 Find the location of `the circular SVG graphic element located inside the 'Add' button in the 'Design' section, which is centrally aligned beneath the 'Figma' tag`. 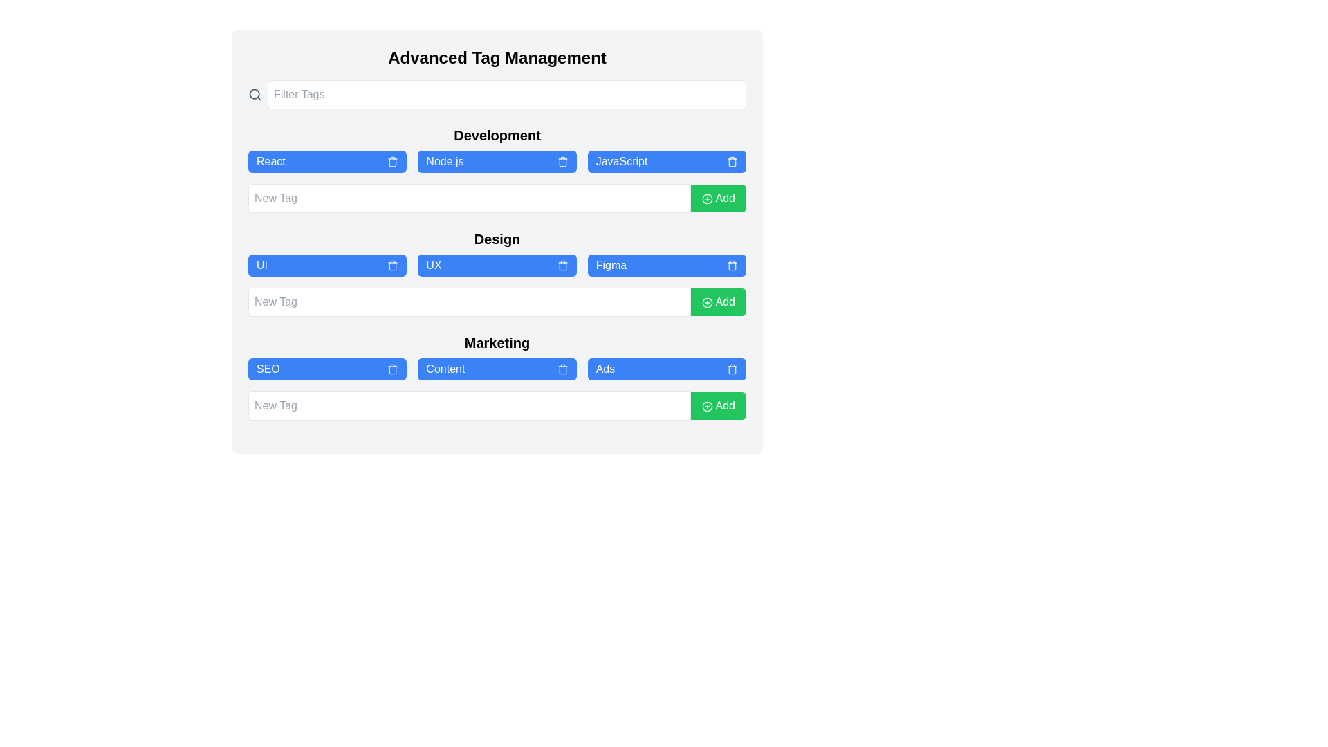

the circular SVG graphic element located inside the 'Add' button in the 'Design' section, which is centrally aligned beneath the 'Figma' tag is located at coordinates (707, 302).